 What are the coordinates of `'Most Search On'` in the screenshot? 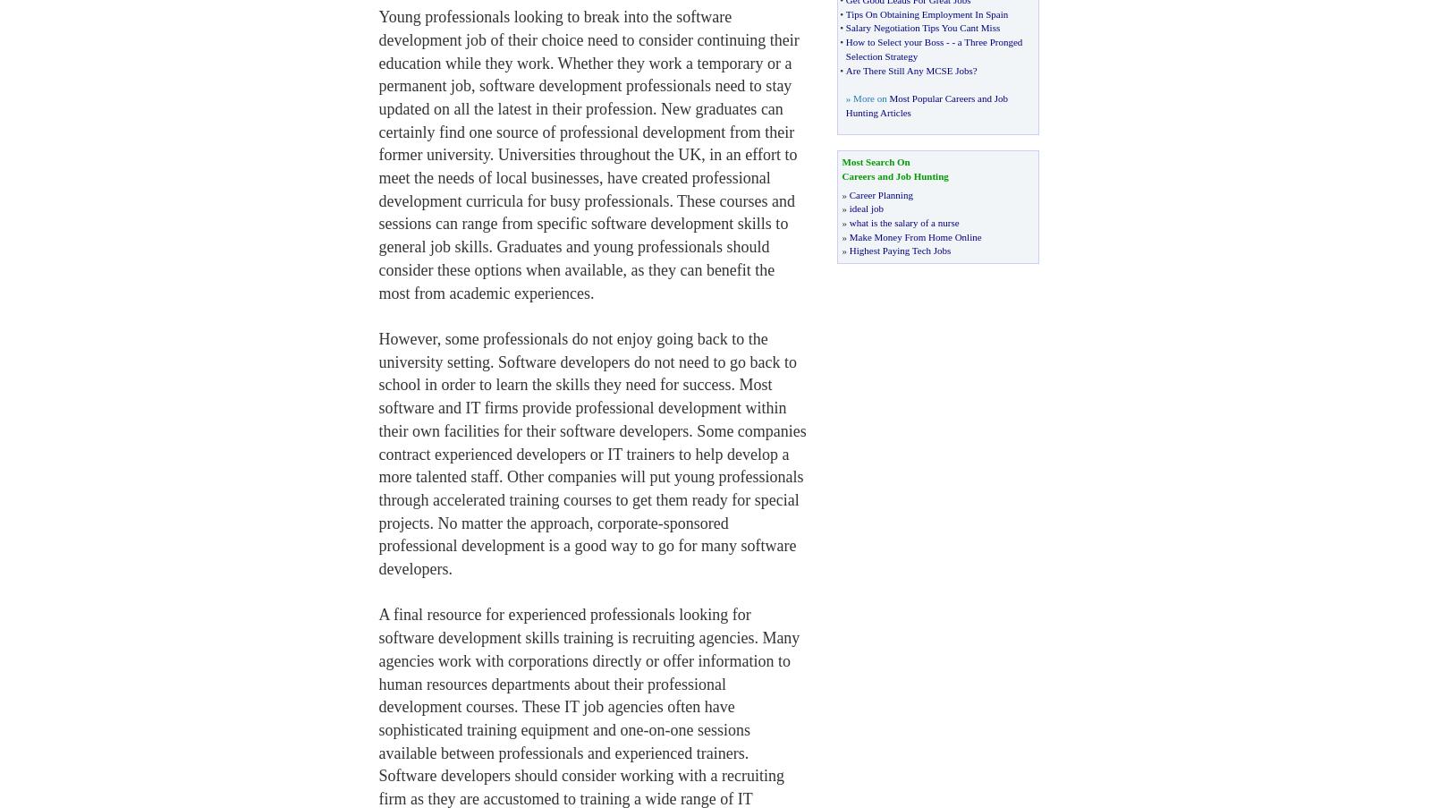 It's located at (875, 160).